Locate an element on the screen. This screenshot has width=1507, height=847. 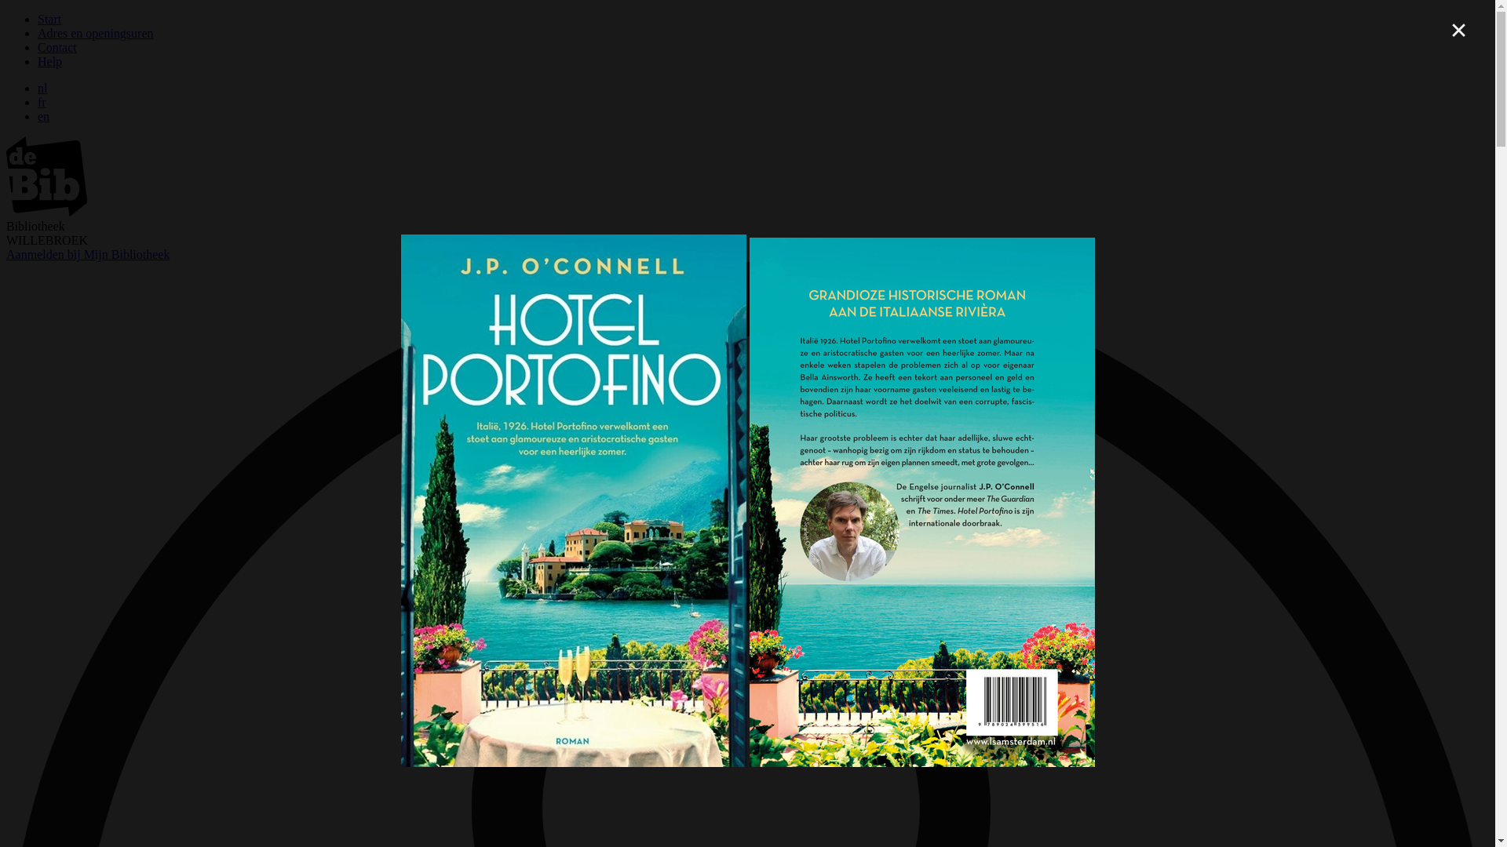
'nl' is located at coordinates (42, 88).